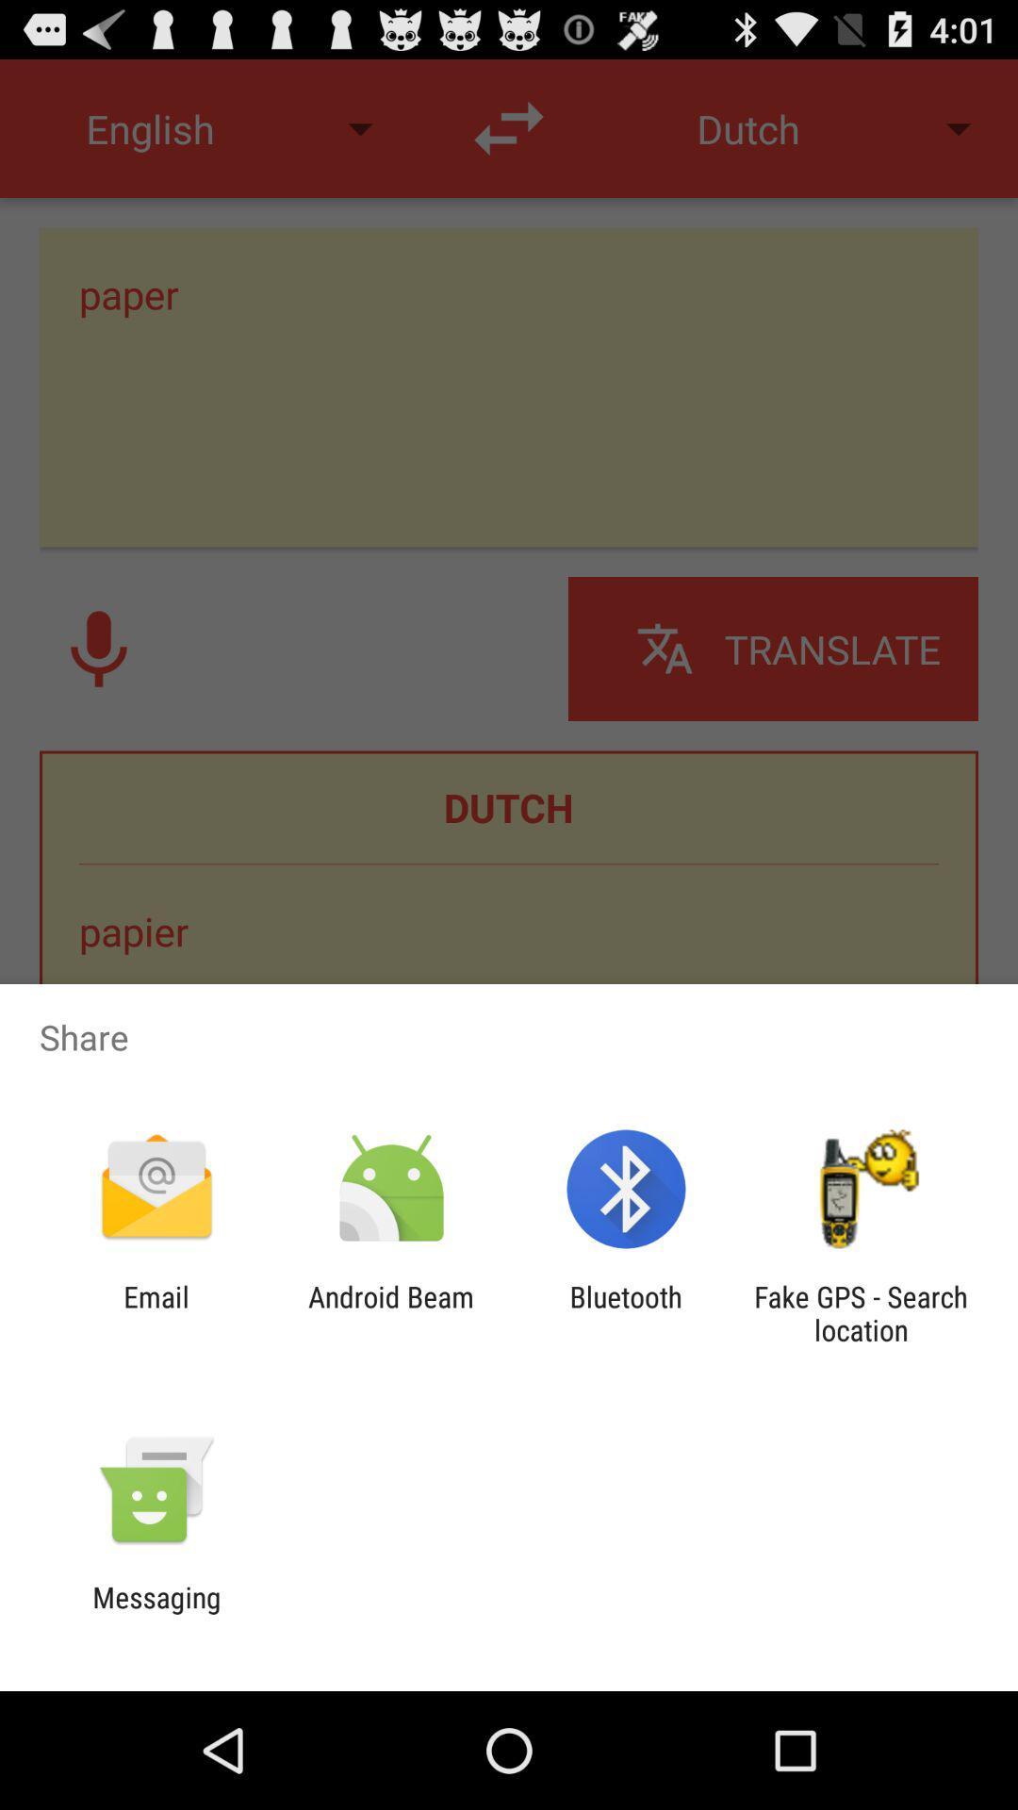 The image size is (1018, 1810). What do you see at coordinates (626, 1312) in the screenshot?
I see `the item to the right of android beam item` at bounding box center [626, 1312].